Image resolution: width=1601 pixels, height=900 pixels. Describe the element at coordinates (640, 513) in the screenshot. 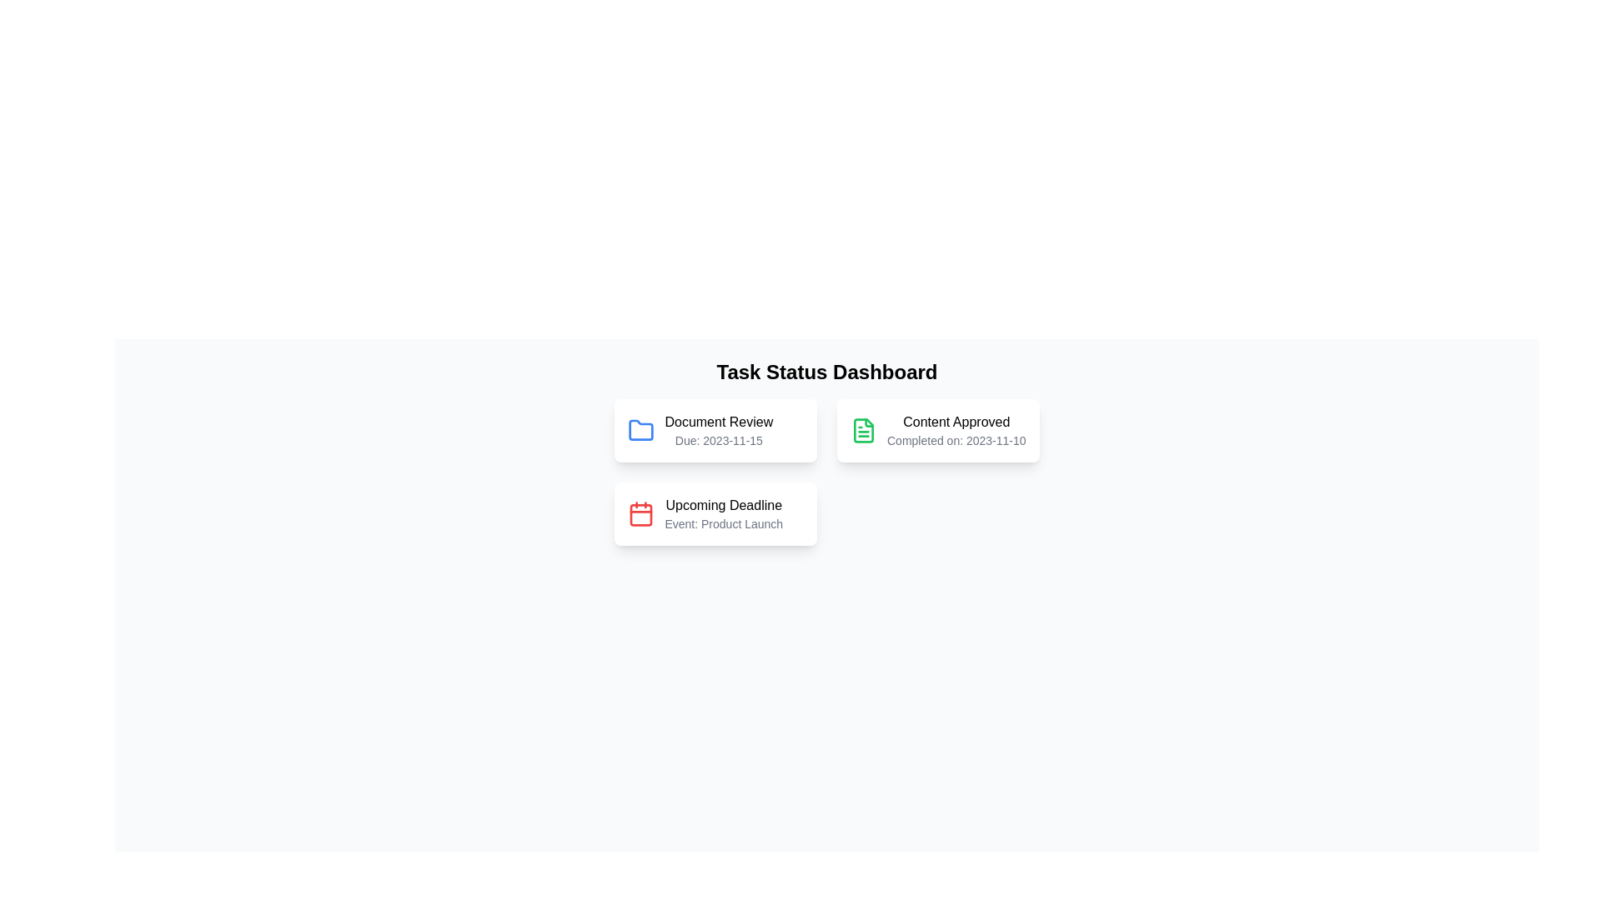

I see `the calendar icon located at the leftmost region of the 'Upcoming Deadline' card to interact with the card` at that location.